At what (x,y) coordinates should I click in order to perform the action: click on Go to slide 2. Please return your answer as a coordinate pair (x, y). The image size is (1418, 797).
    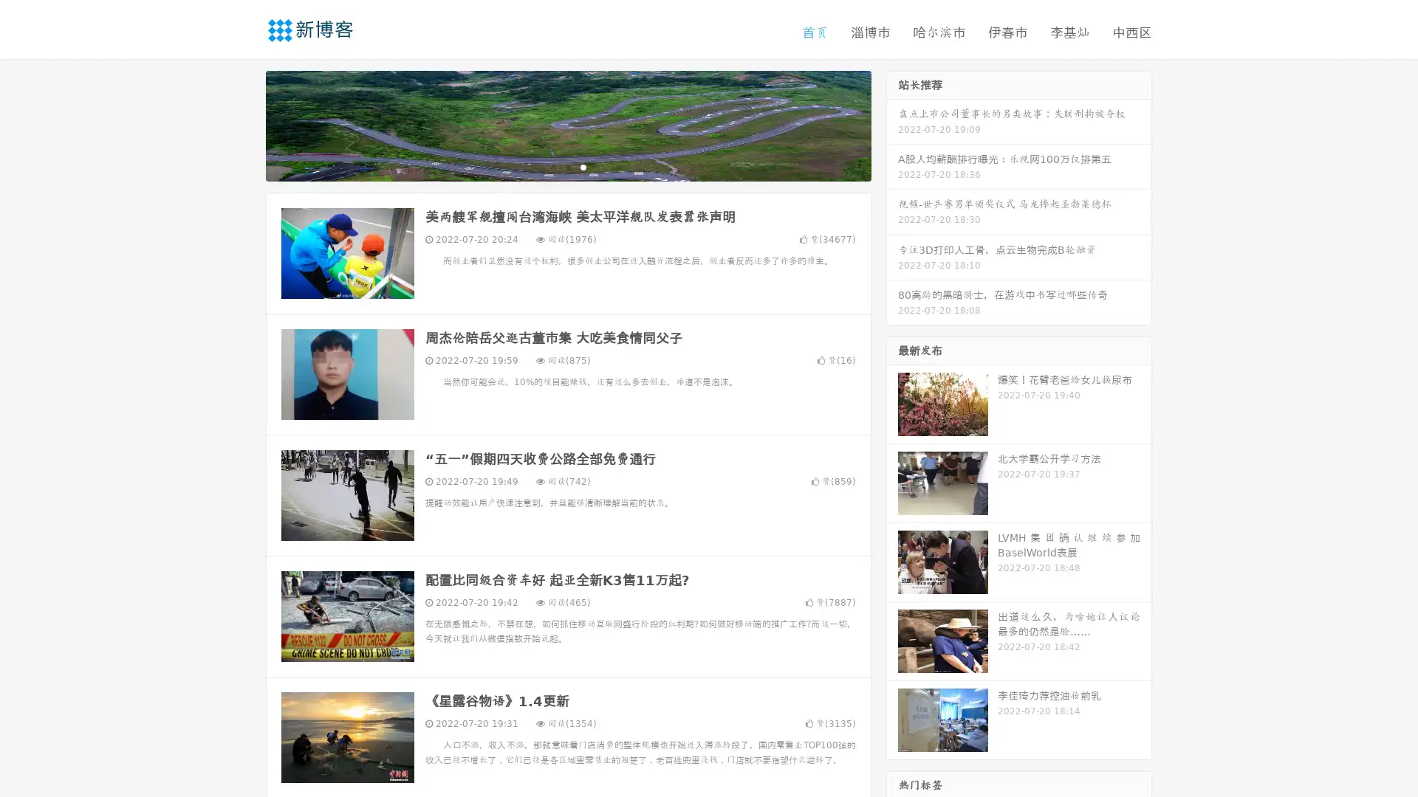
    Looking at the image, I should click on (567, 166).